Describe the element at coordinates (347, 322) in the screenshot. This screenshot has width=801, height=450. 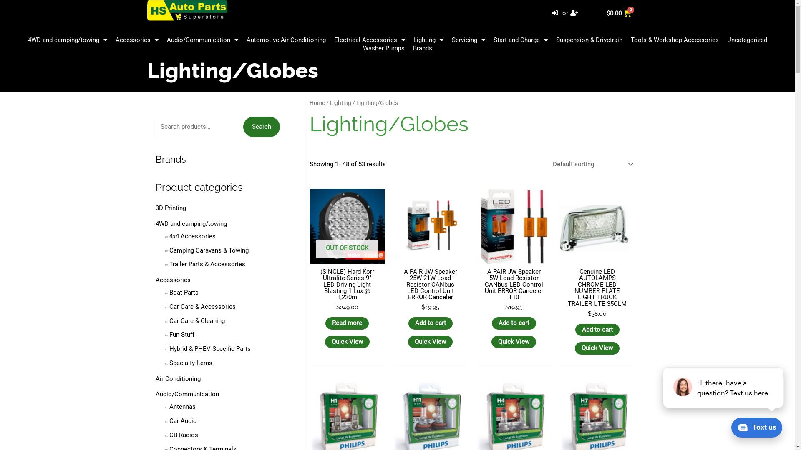
I see `'Read more'` at that location.